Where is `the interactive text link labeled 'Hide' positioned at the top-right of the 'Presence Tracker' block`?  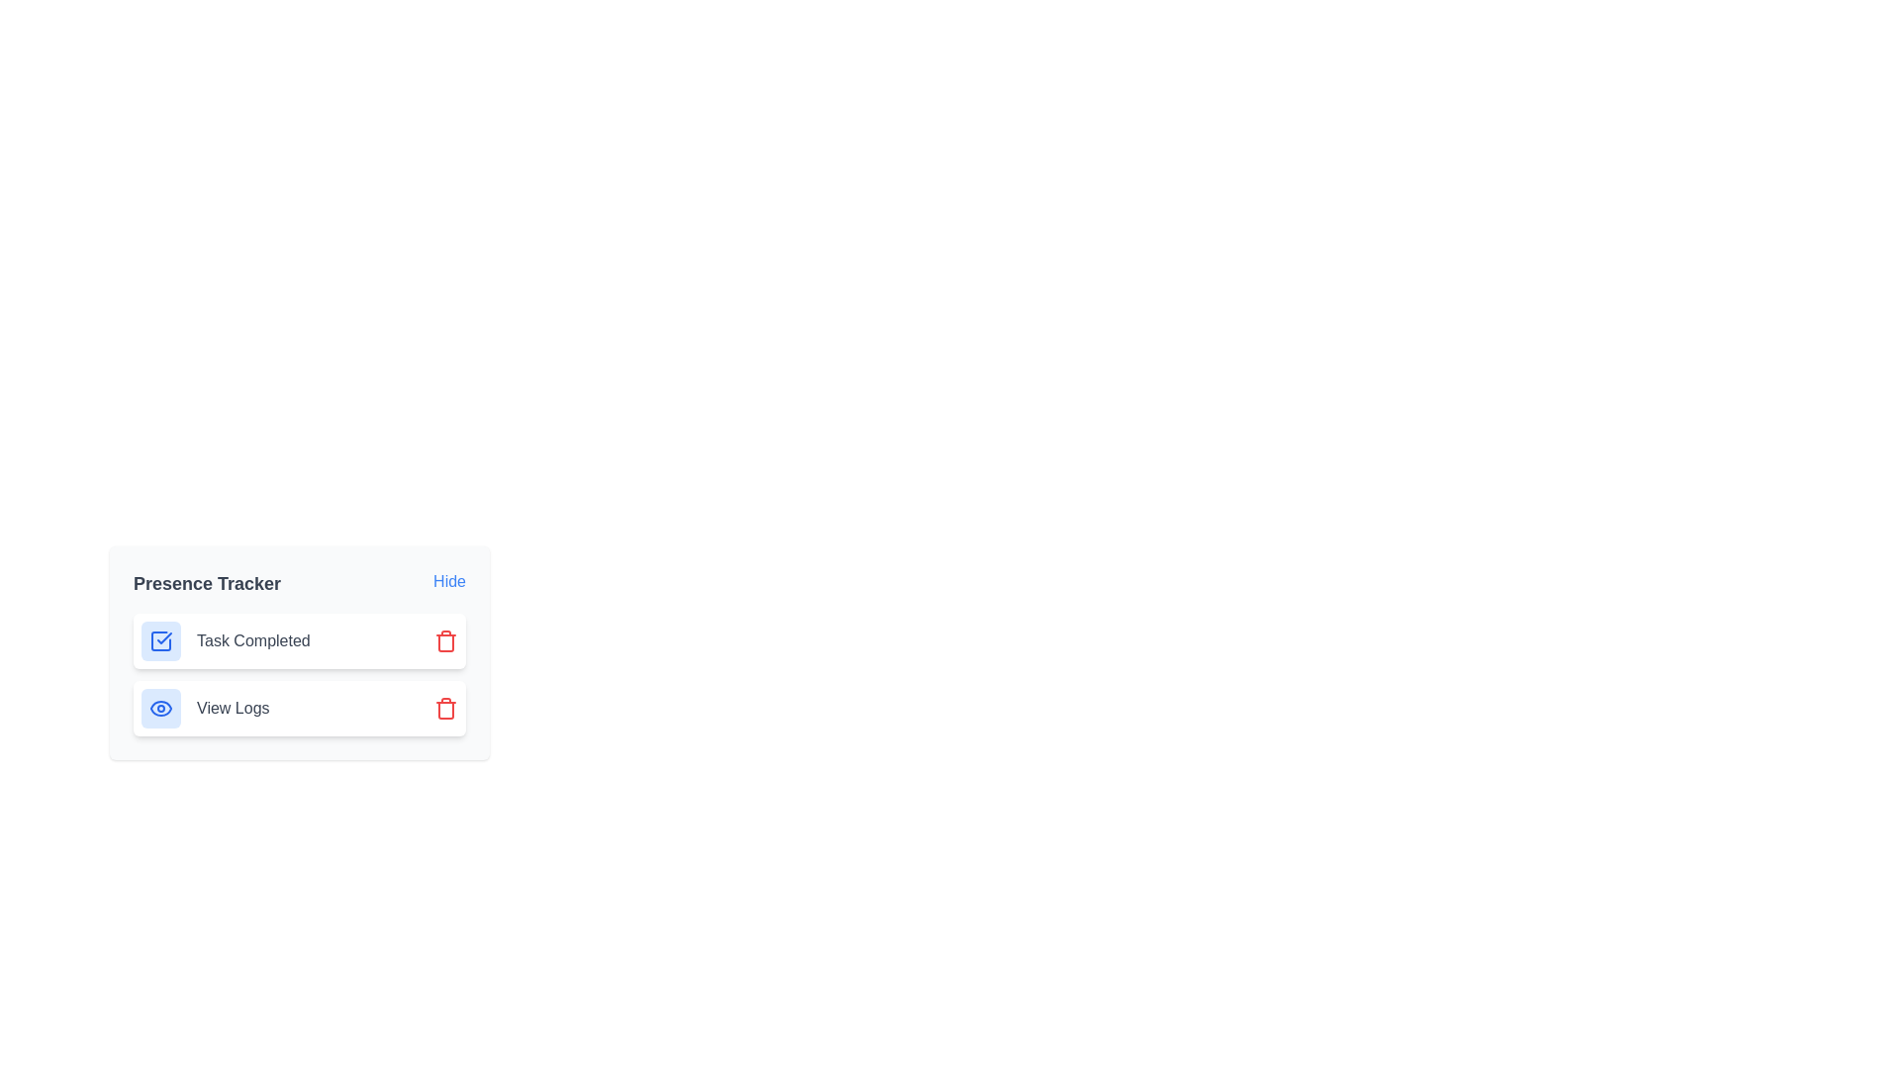 the interactive text link labeled 'Hide' positioned at the top-right of the 'Presence Tracker' block is located at coordinates (448, 580).